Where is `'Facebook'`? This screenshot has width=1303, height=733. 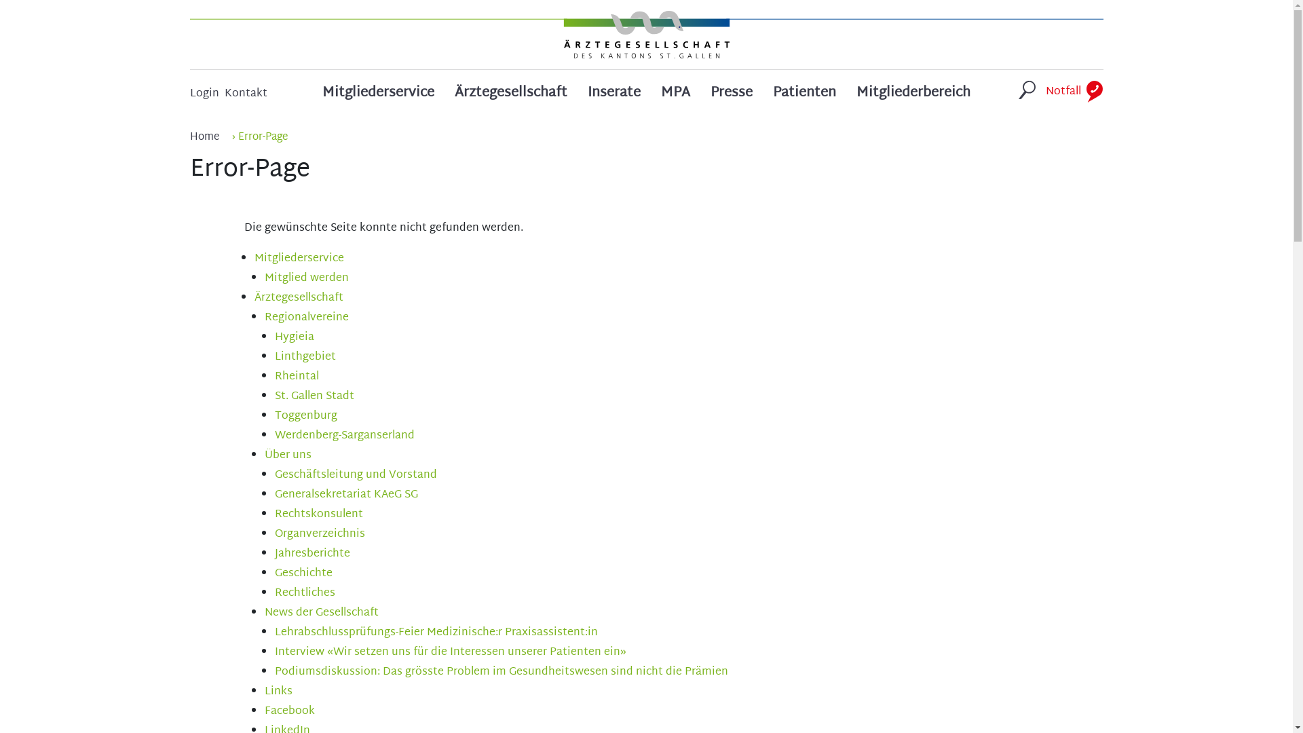 'Facebook' is located at coordinates (289, 711).